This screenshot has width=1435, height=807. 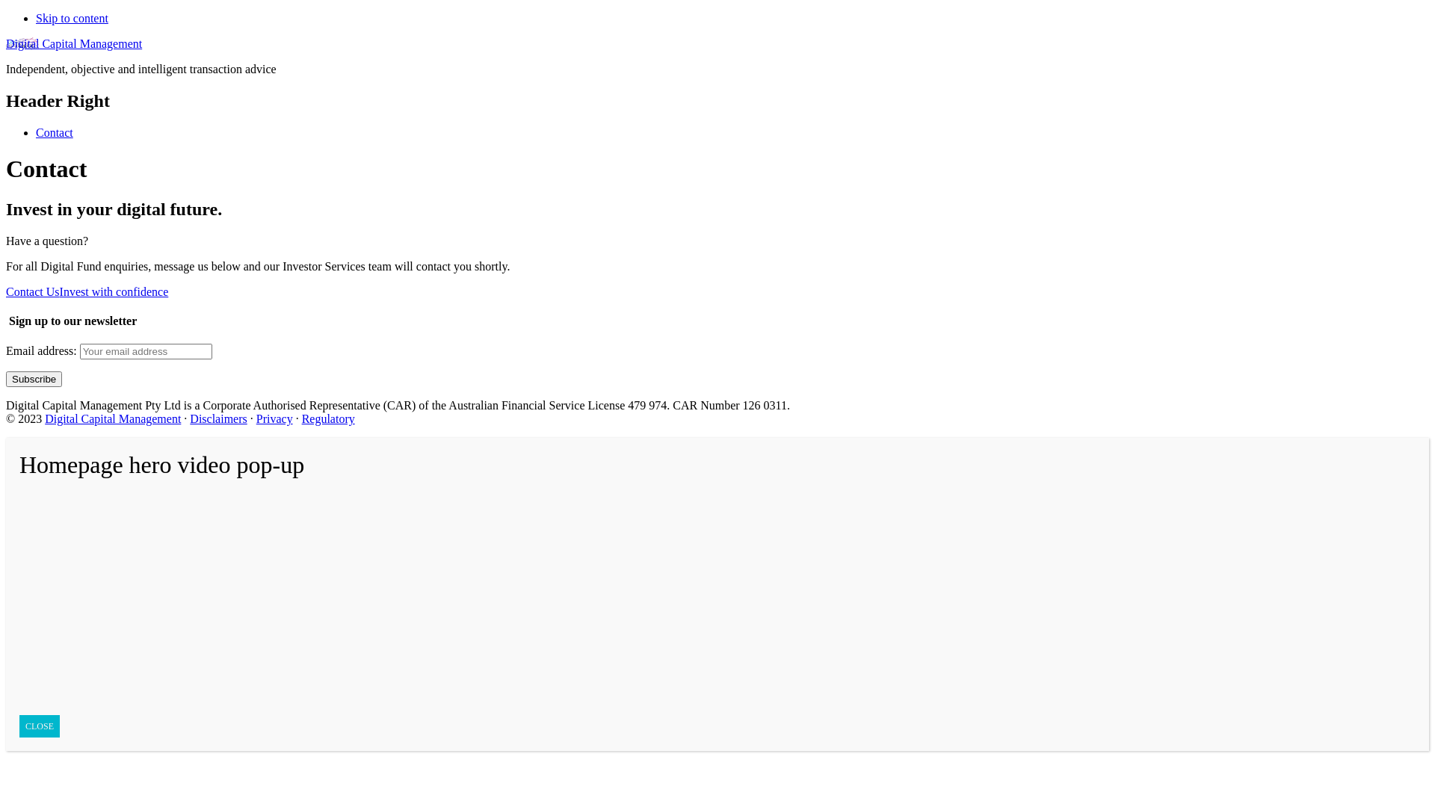 What do you see at coordinates (39, 726) in the screenshot?
I see `'CLOSE'` at bounding box center [39, 726].